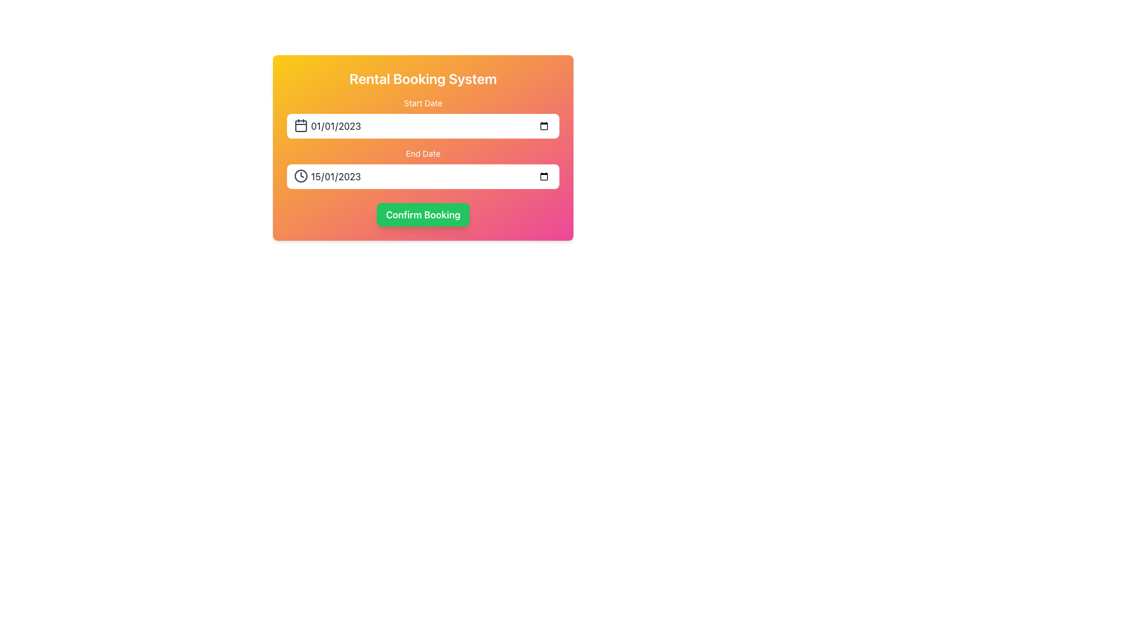 The width and height of the screenshot is (1127, 634). What do you see at coordinates (423, 153) in the screenshot?
I see `the 'End Date' text label which is styled in a small font and positioned above the date selection input field, to trigger any associated hover effects` at bounding box center [423, 153].